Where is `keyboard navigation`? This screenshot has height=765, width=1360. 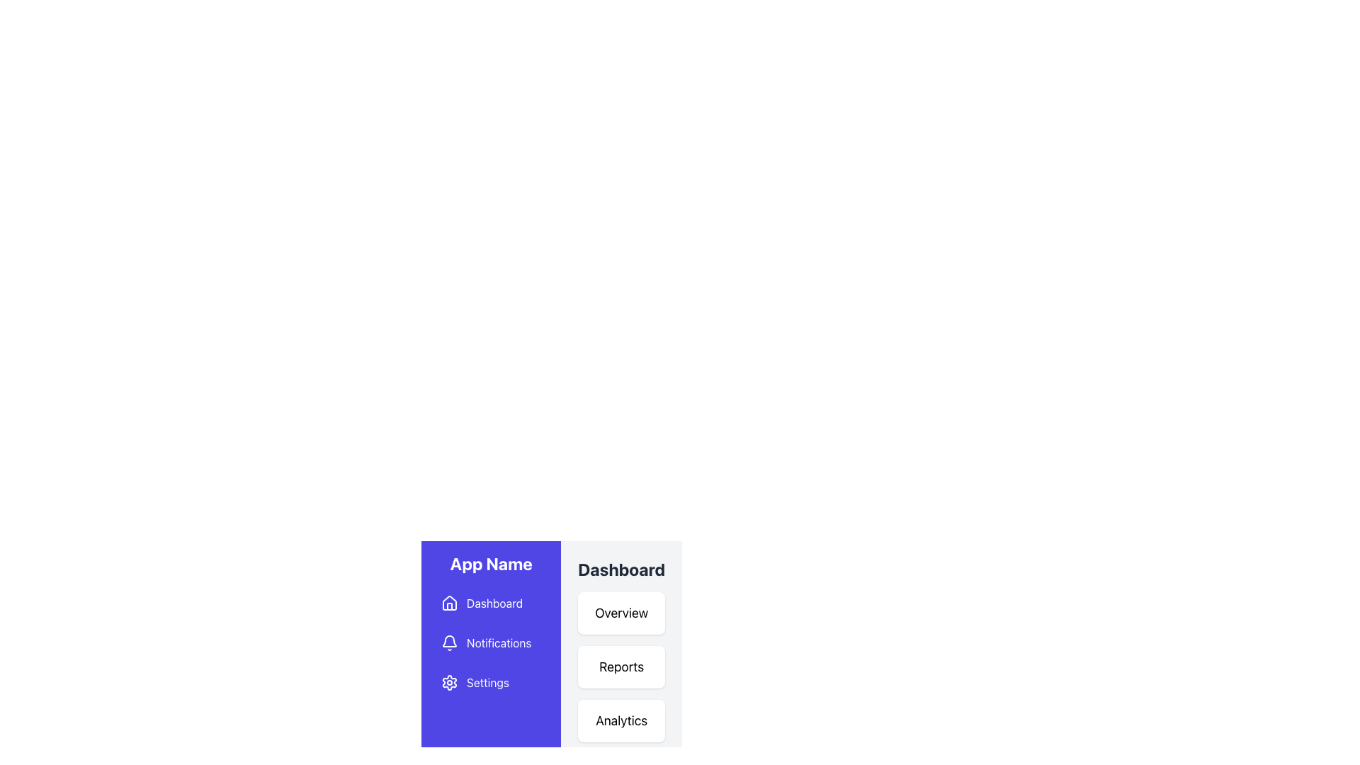
keyboard navigation is located at coordinates (448, 682).